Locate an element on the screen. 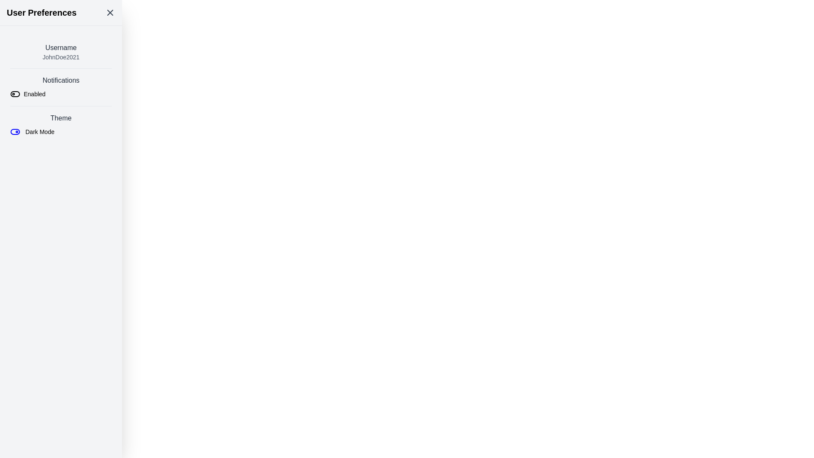 This screenshot has width=814, height=458. the toggle switch for notifications located underneath the 'Notifications' header is located at coordinates (15, 94).